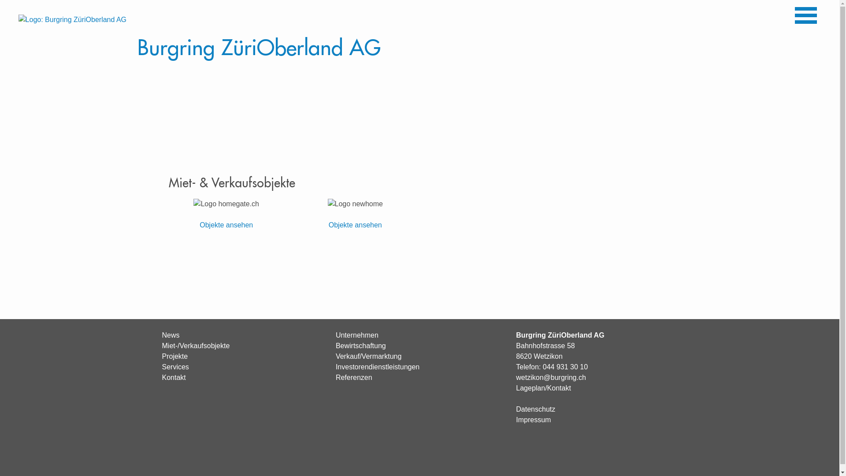 The height and width of the screenshot is (476, 846). Describe the element at coordinates (354, 377) in the screenshot. I see `'Referenzen'` at that location.